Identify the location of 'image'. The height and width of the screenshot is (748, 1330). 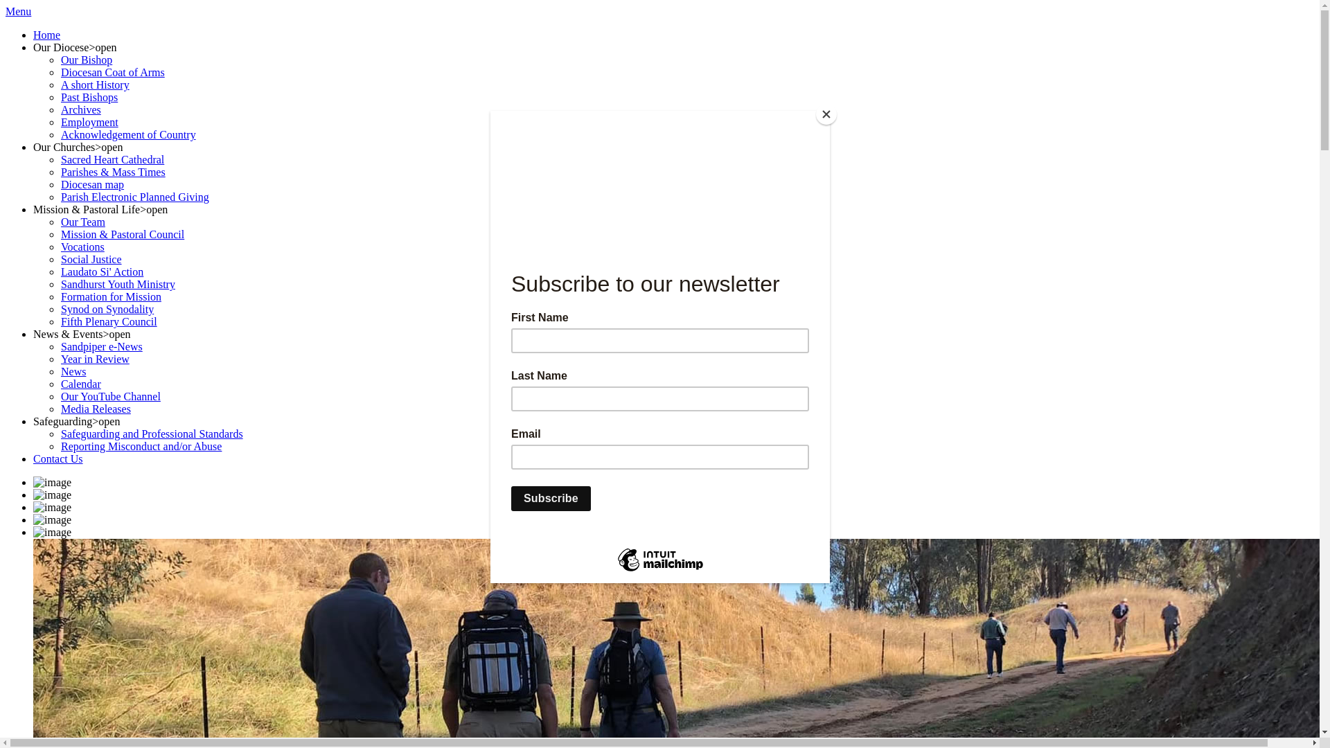
(52, 507).